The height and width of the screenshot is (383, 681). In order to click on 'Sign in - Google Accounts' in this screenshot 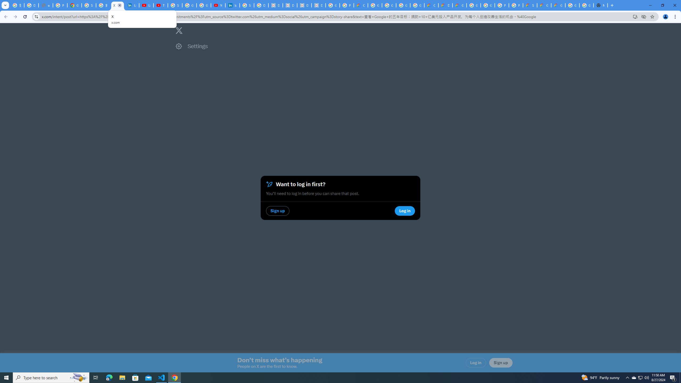, I will do `click(89, 5)`.